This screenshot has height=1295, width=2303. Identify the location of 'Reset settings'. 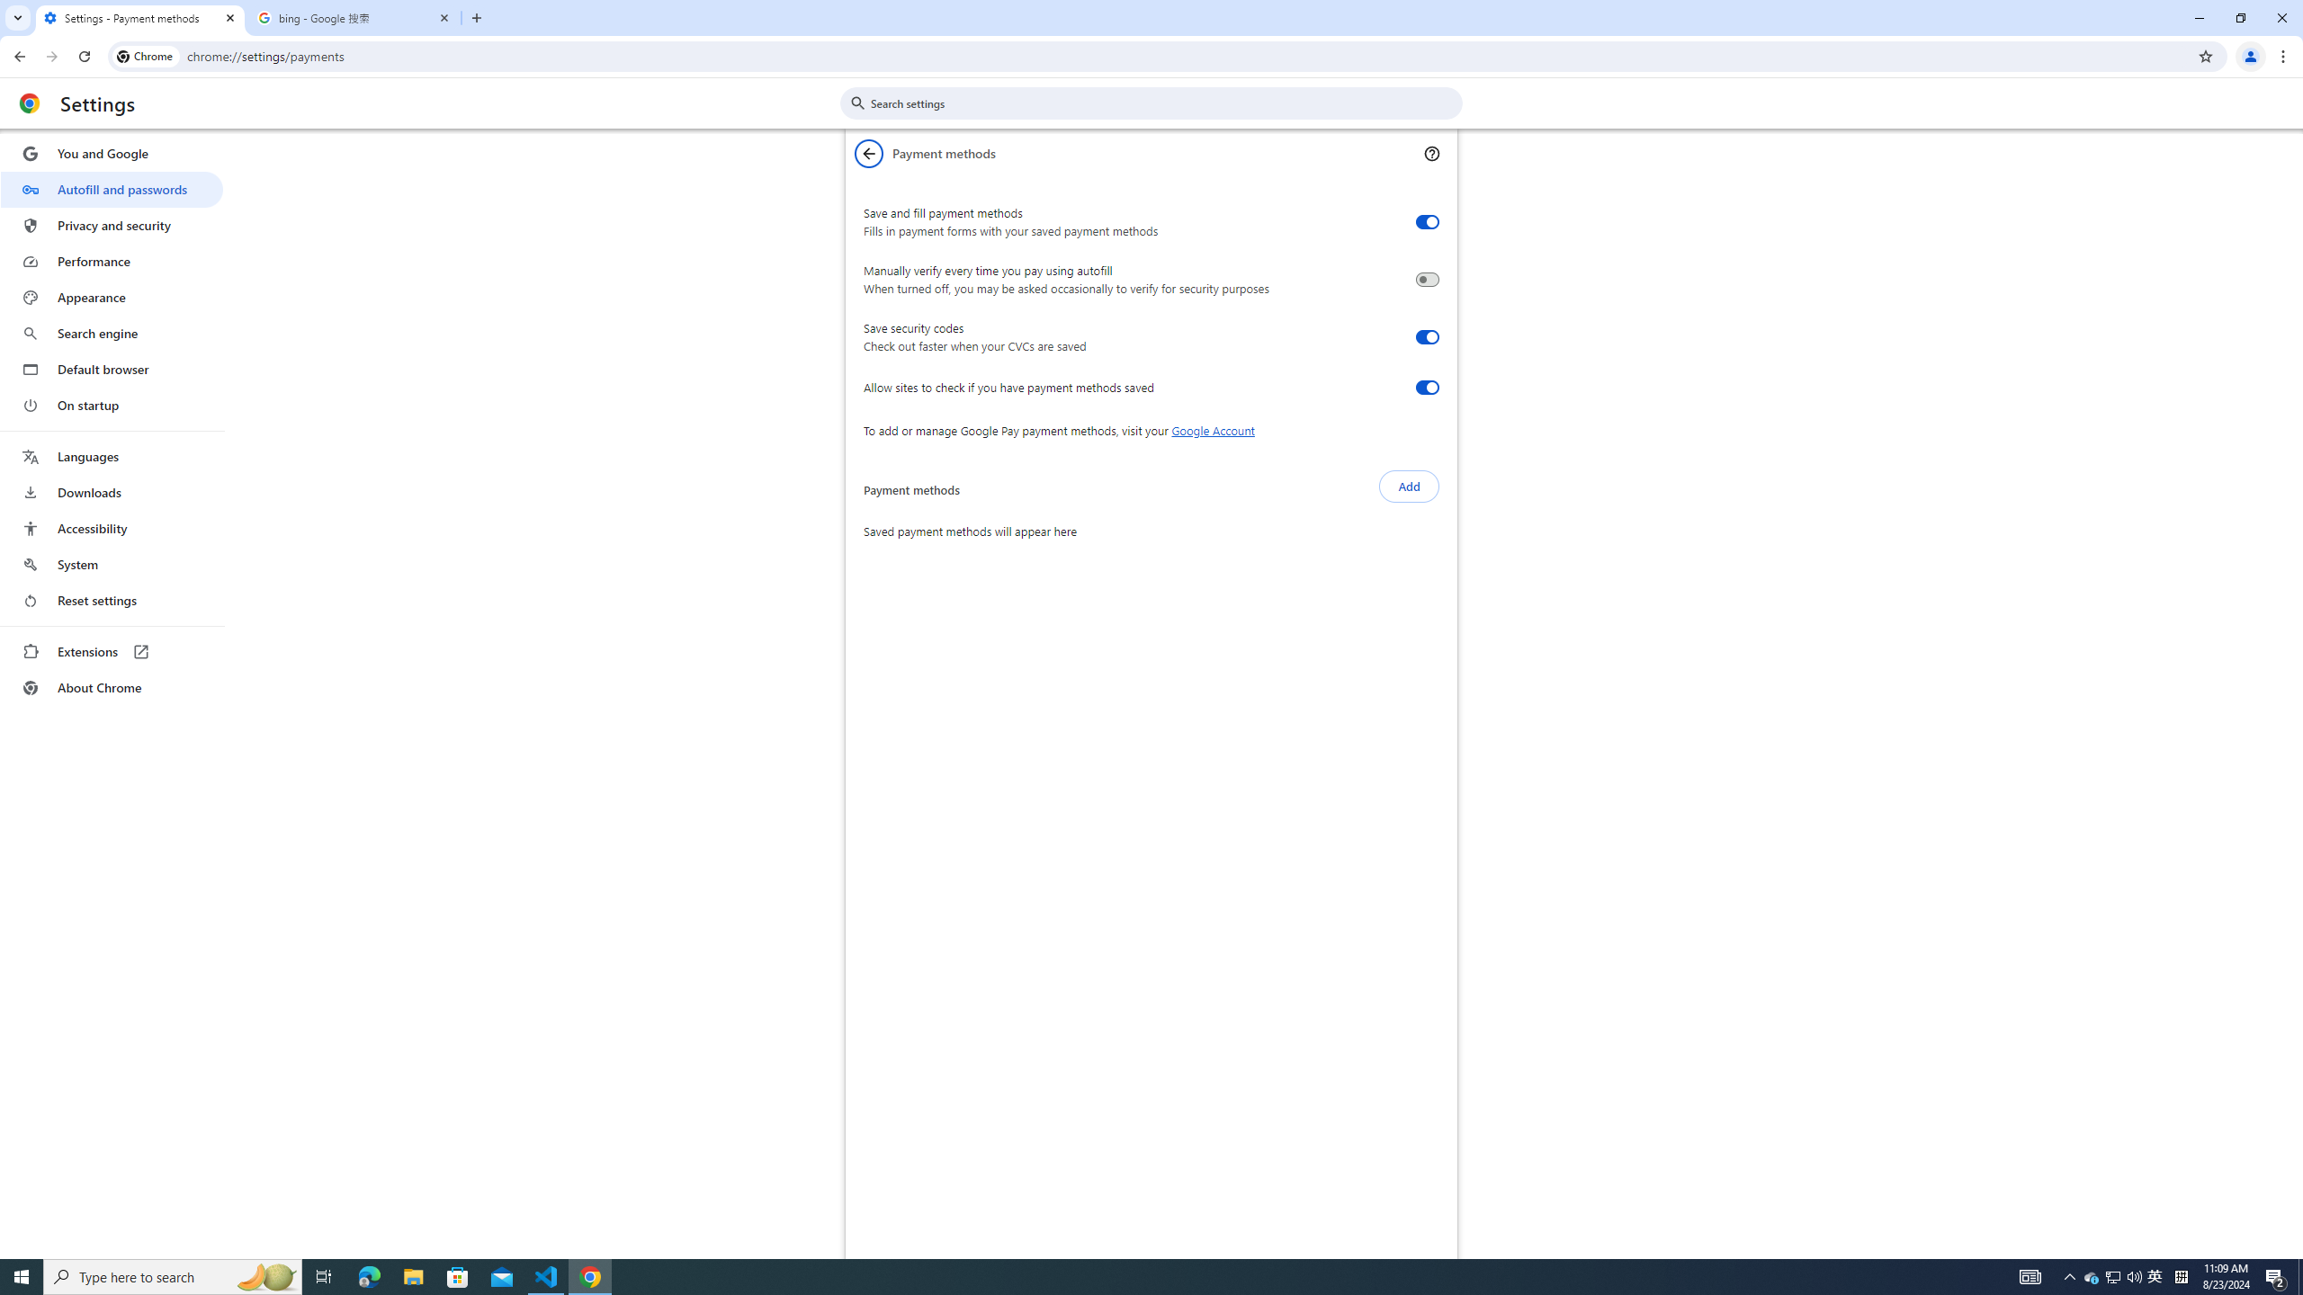
(111, 600).